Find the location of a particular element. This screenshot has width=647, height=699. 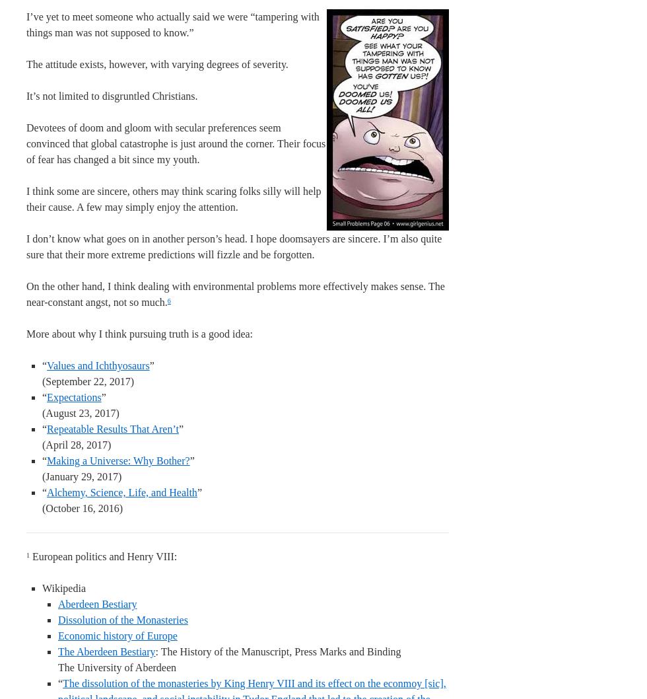

'Dissolution of the Monasteries' is located at coordinates (123, 620).